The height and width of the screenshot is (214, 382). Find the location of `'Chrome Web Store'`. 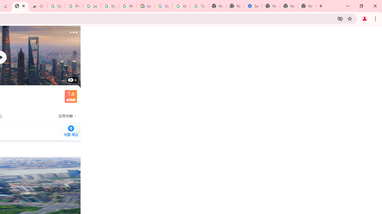

'Chrome Web Store' is located at coordinates (38, 6).